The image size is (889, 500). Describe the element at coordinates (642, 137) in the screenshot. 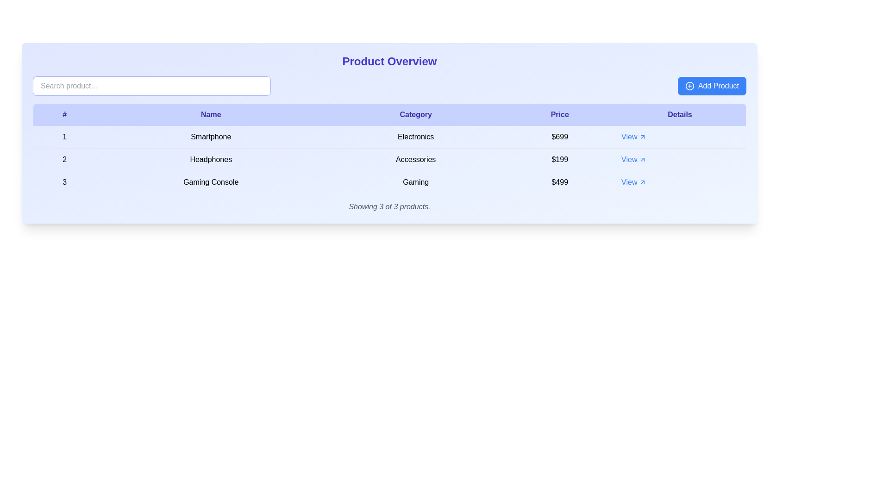

I see `the upward-pointing arrow icon located at the end of the 'View' button in the 'Details' column of the first row in the table` at that location.